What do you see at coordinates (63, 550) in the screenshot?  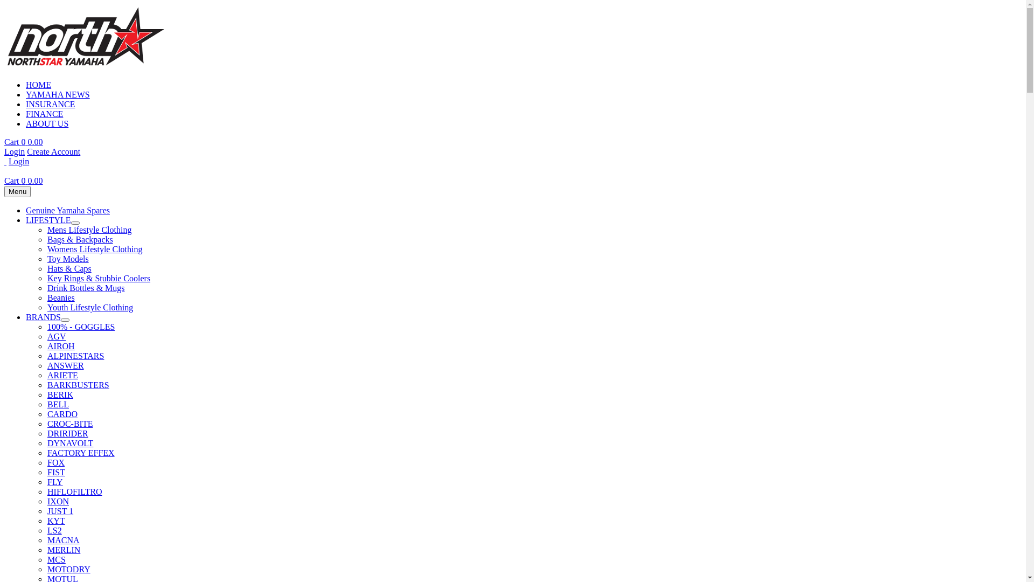 I see `'MERLIN'` at bounding box center [63, 550].